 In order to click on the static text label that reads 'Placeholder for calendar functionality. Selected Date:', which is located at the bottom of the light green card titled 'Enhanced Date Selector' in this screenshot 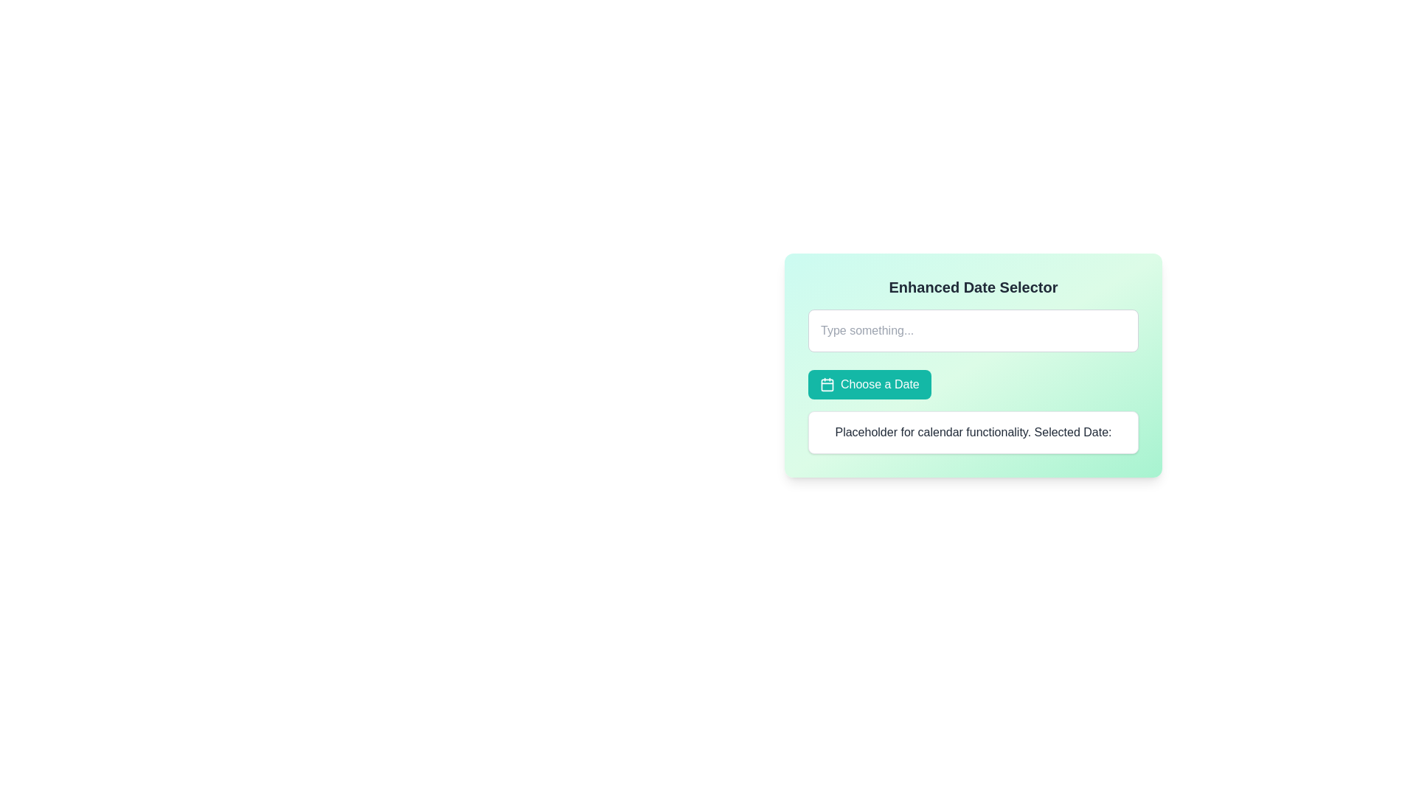, I will do `click(974, 431)`.